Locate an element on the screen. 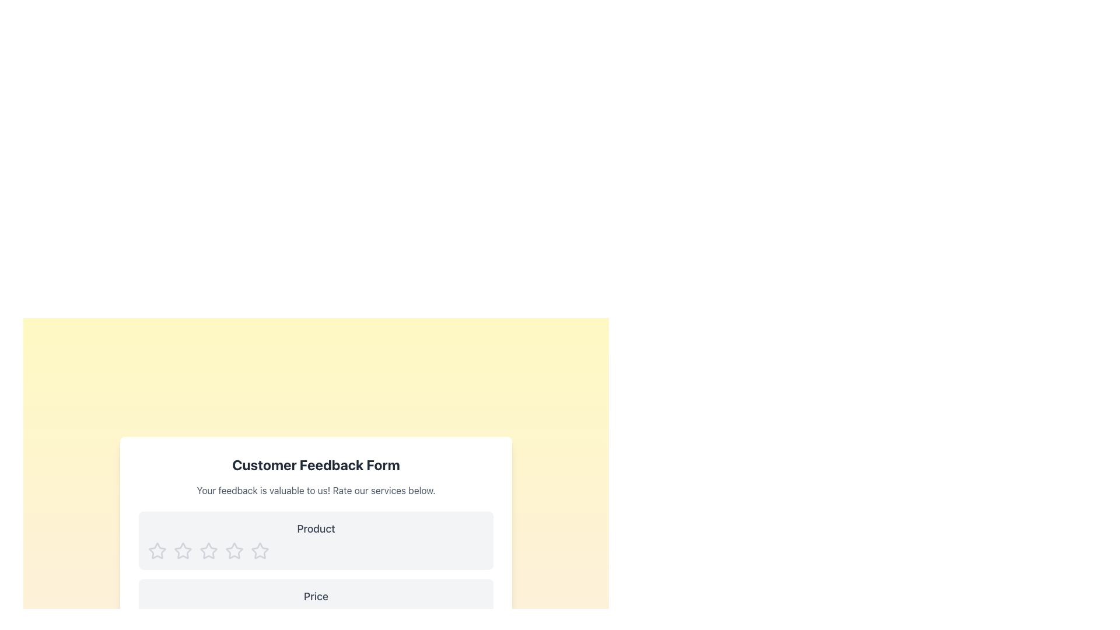  keyboard navigation is located at coordinates (209, 551).